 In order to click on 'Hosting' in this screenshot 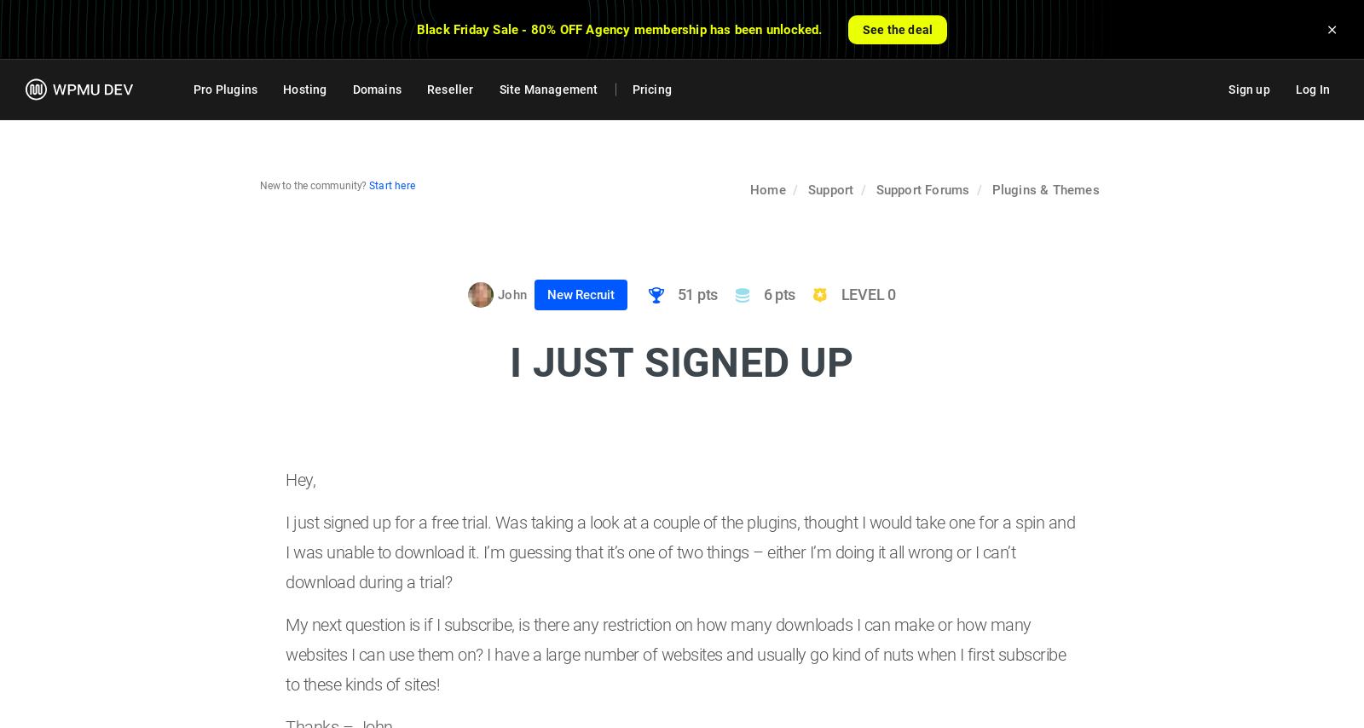, I will do `click(304, 90)`.